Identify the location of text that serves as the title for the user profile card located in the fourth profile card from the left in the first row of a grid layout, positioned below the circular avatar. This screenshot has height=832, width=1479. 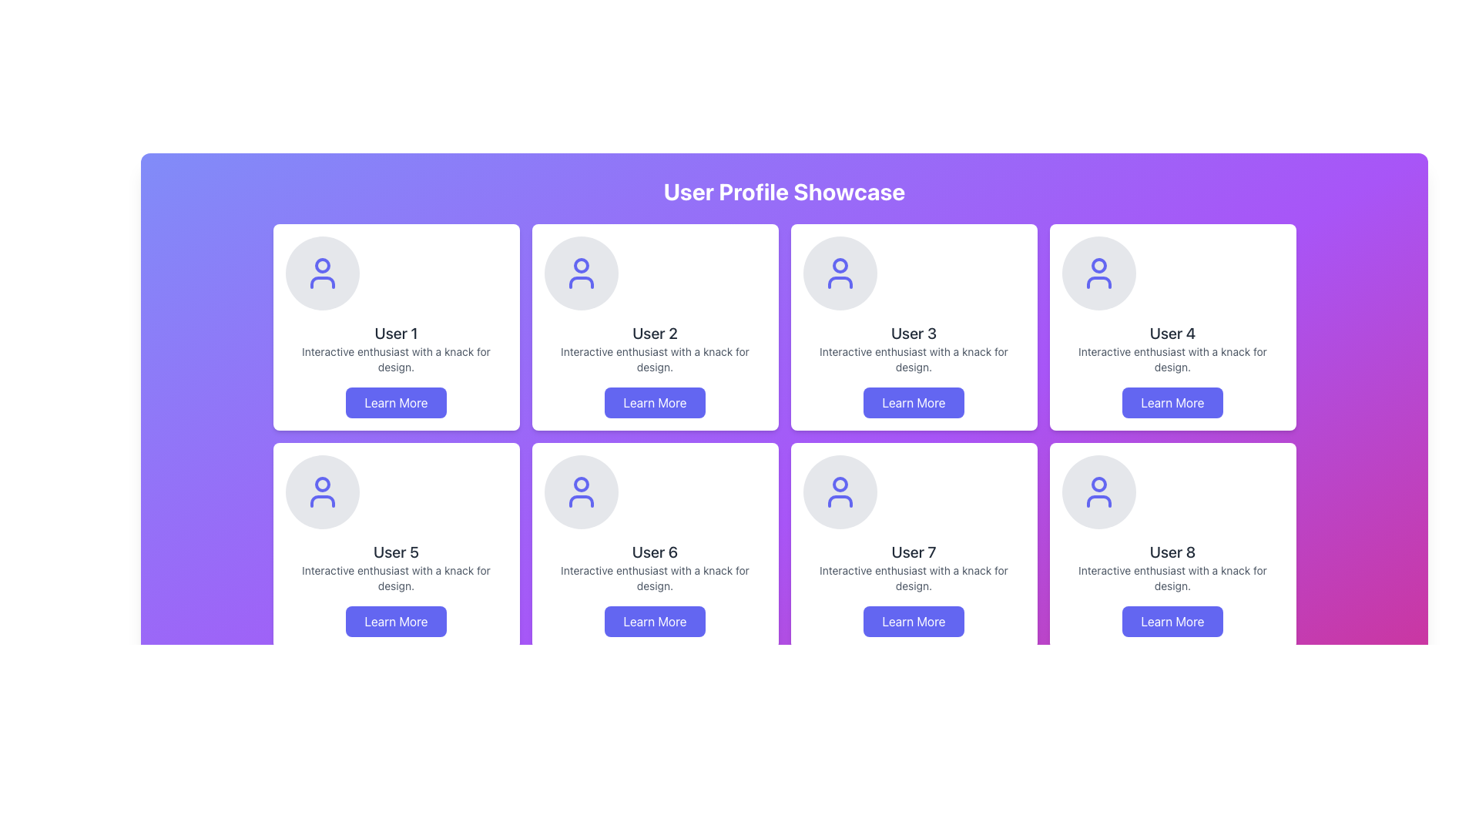
(1172, 332).